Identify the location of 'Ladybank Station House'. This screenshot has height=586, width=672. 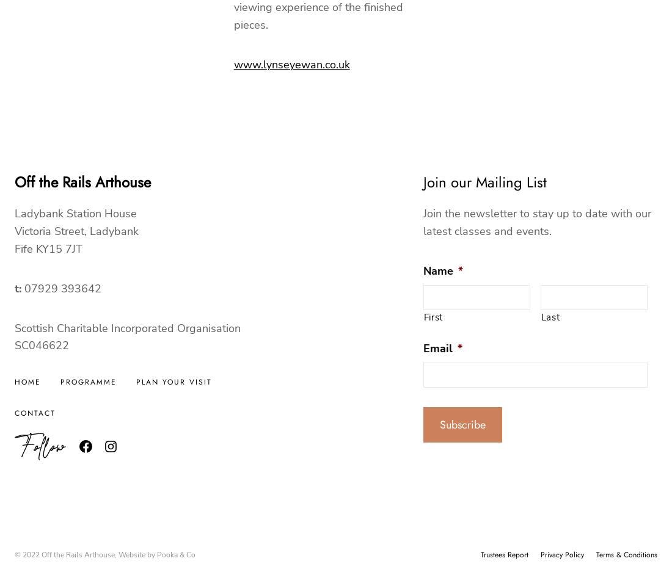
(75, 214).